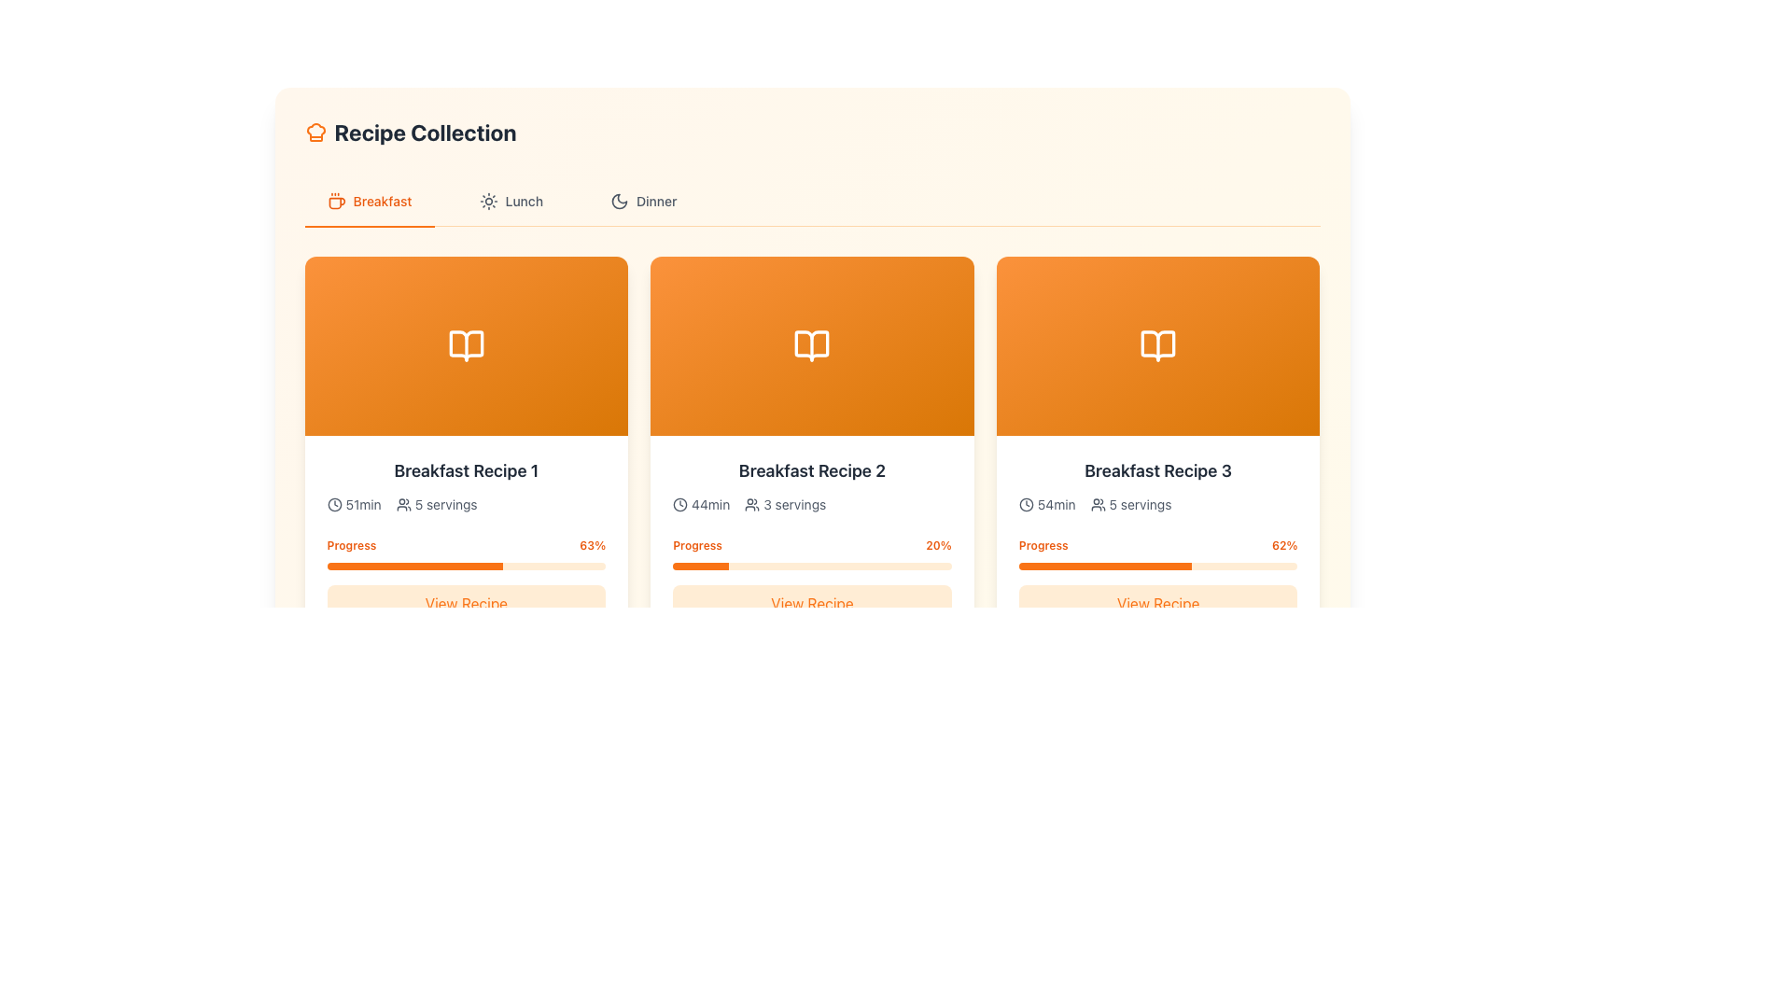 The height and width of the screenshot is (1008, 1792). What do you see at coordinates (1140, 504) in the screenshot?
I see `the text label displaying '5 servings' located in the third recipe card titled 'Breakfast Recipe 3', adjacent to the users icon` at bounding box center [1140, 504].